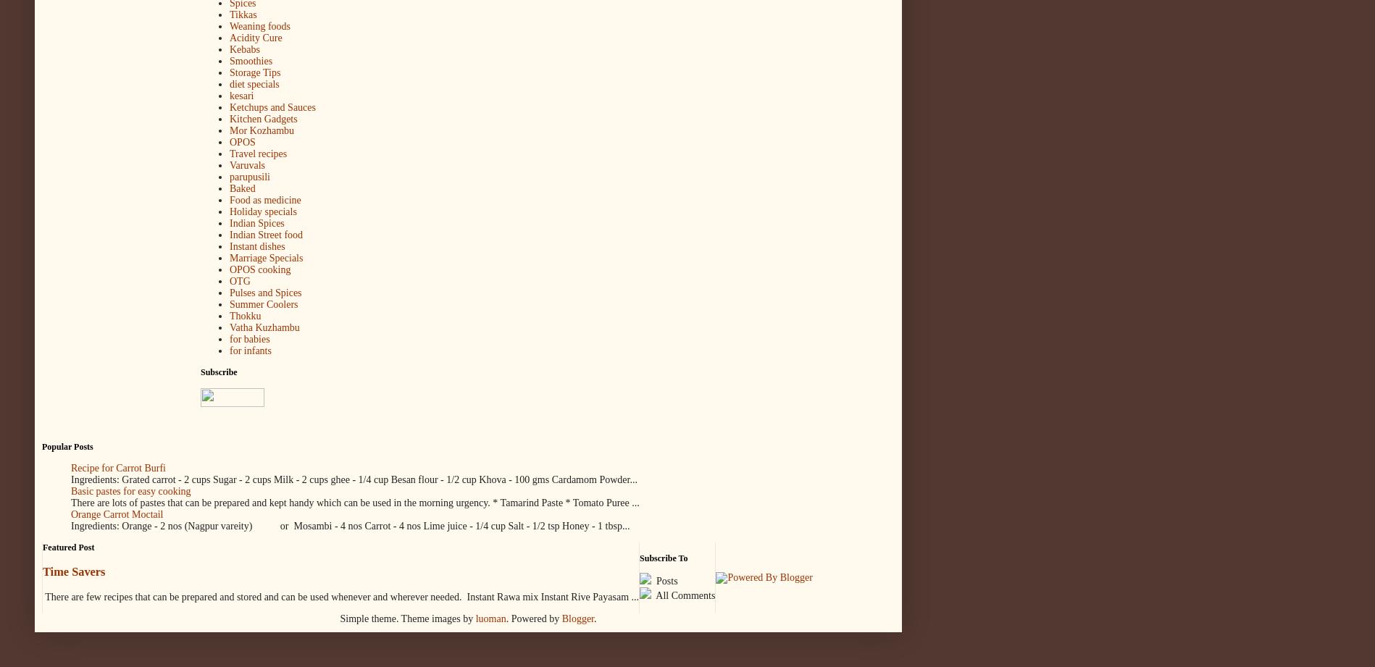  What do you see at coordinates (250, 176) in the screenshot?
I see `'parupusili'` at bounding box center [250, 176].